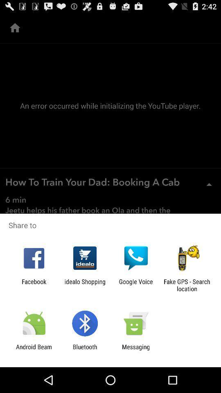 The width and height of the screenshot is (221, 393). Describe the element at coordinates (84, 285) in the screenshot. I see `the item next to google voice` at that location.